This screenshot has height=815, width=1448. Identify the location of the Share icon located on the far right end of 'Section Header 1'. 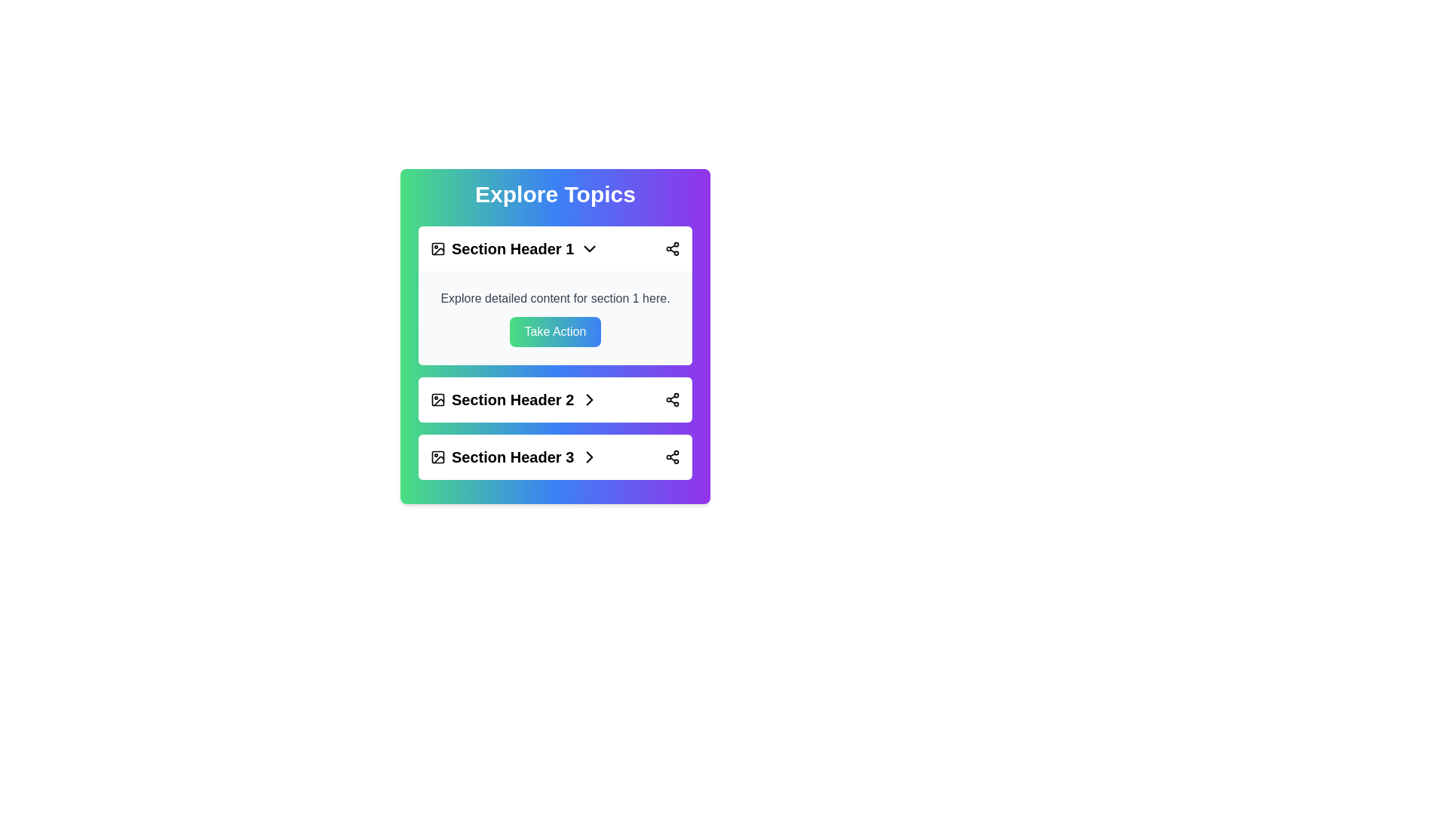
(672, 248).